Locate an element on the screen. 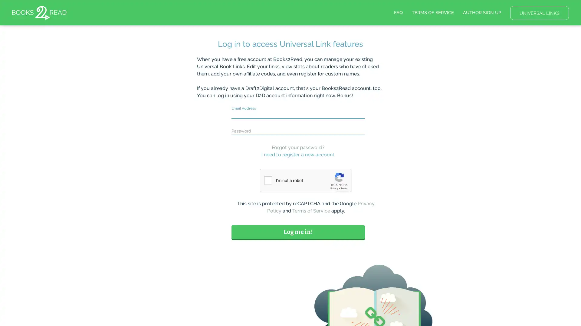 This screenshot has height=326, width=581. Log me in! is located at coordinates (298, 232).